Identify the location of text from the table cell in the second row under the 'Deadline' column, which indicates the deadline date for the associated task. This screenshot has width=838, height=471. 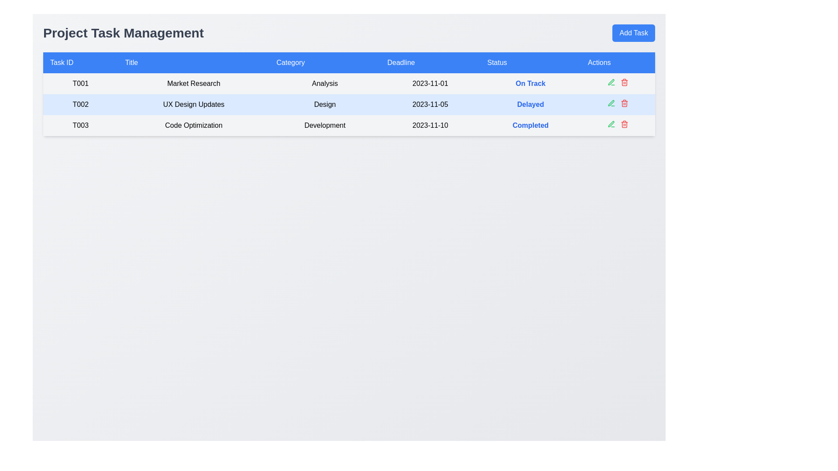
(430, 104).